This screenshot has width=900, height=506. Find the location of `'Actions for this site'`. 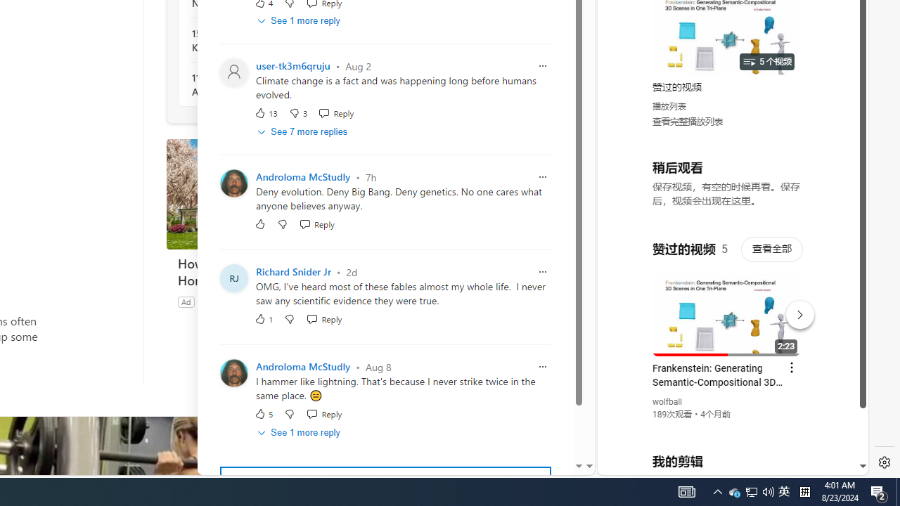

'Actions for this site' is located at coordinates (795, 311).